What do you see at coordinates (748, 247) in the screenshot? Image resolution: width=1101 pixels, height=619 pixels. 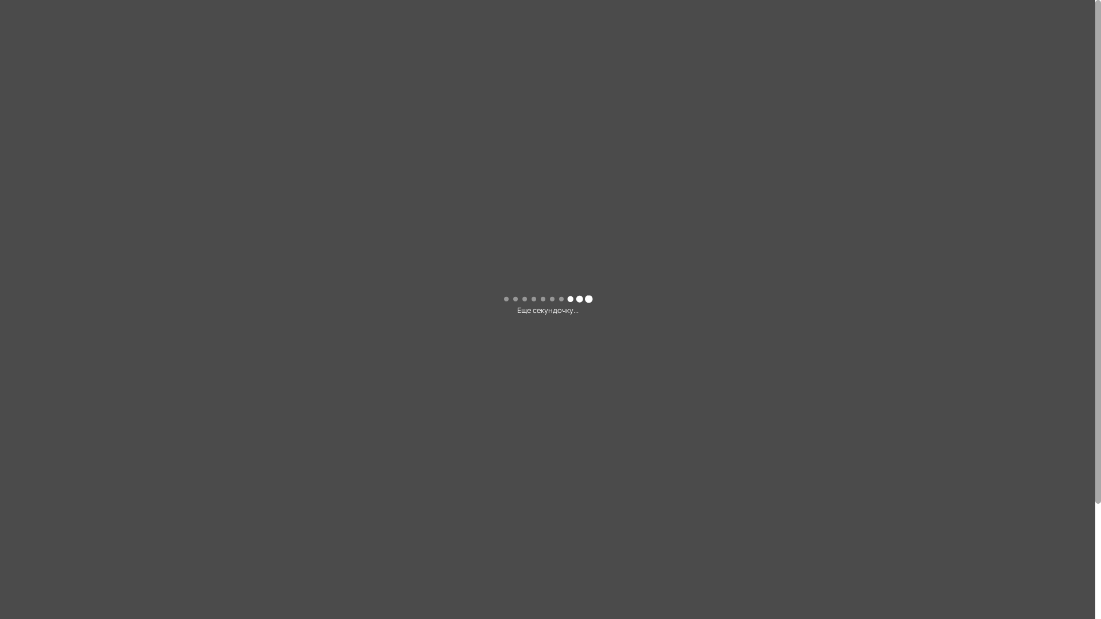 I see `'polakr@tut.by'` at bounding box center [748, 247].